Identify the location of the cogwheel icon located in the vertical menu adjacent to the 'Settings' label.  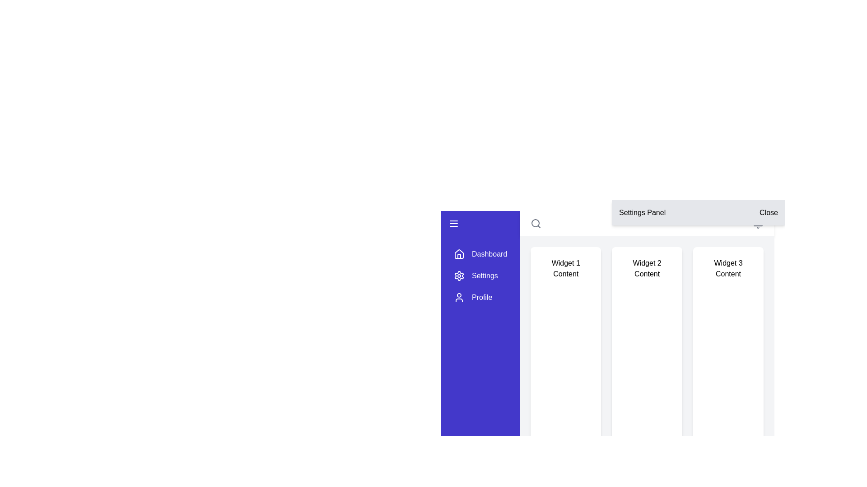
(459, 276).